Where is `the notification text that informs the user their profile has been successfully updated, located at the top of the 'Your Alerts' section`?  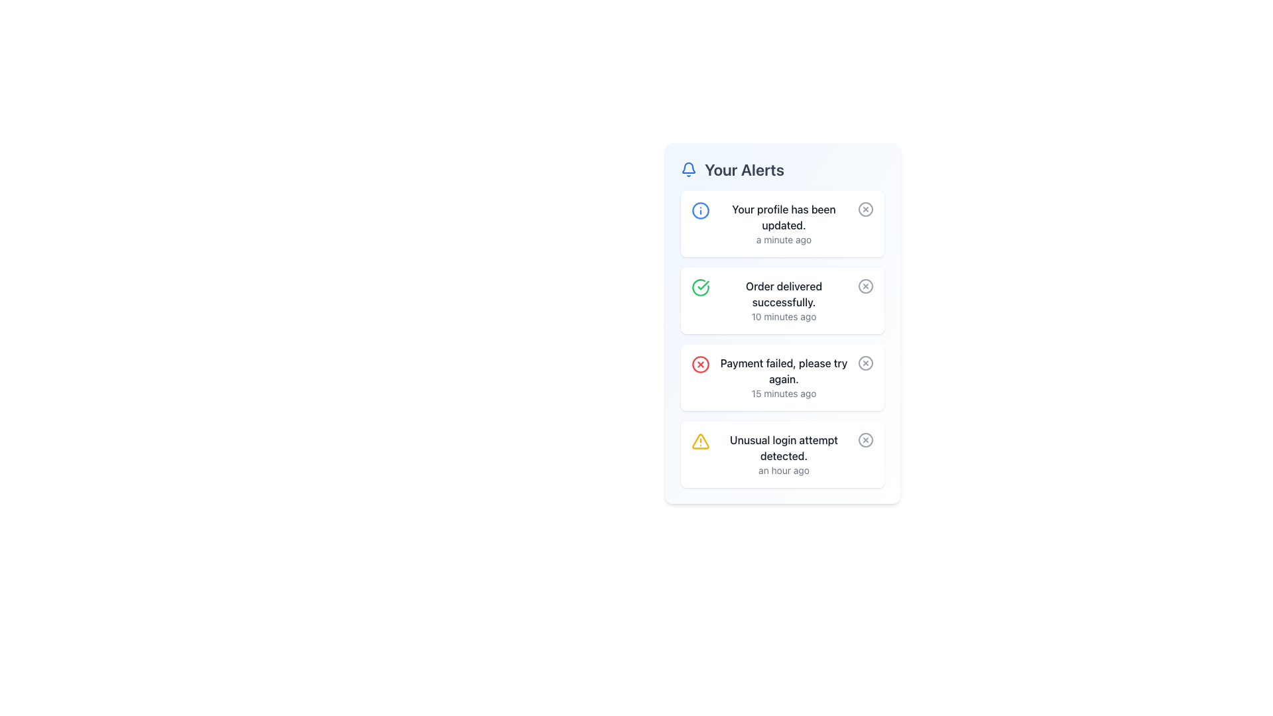 the notification text that informs the user their profile has been successfully updated, located at the top of the 'Your Alerts' section is located at coordinates (784, 216).